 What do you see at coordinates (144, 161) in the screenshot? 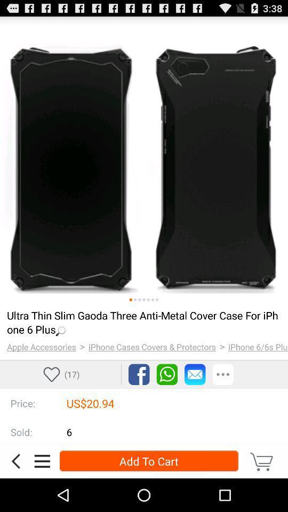
I see `product` at bounding box center [144, 161].